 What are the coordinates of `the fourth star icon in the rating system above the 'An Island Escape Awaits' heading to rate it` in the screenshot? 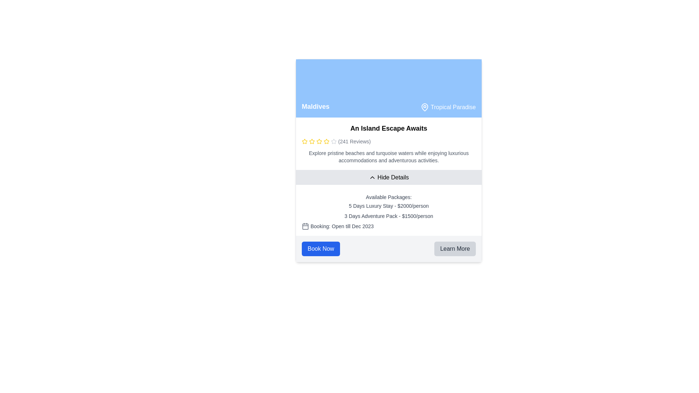 It's located at (333, 141).